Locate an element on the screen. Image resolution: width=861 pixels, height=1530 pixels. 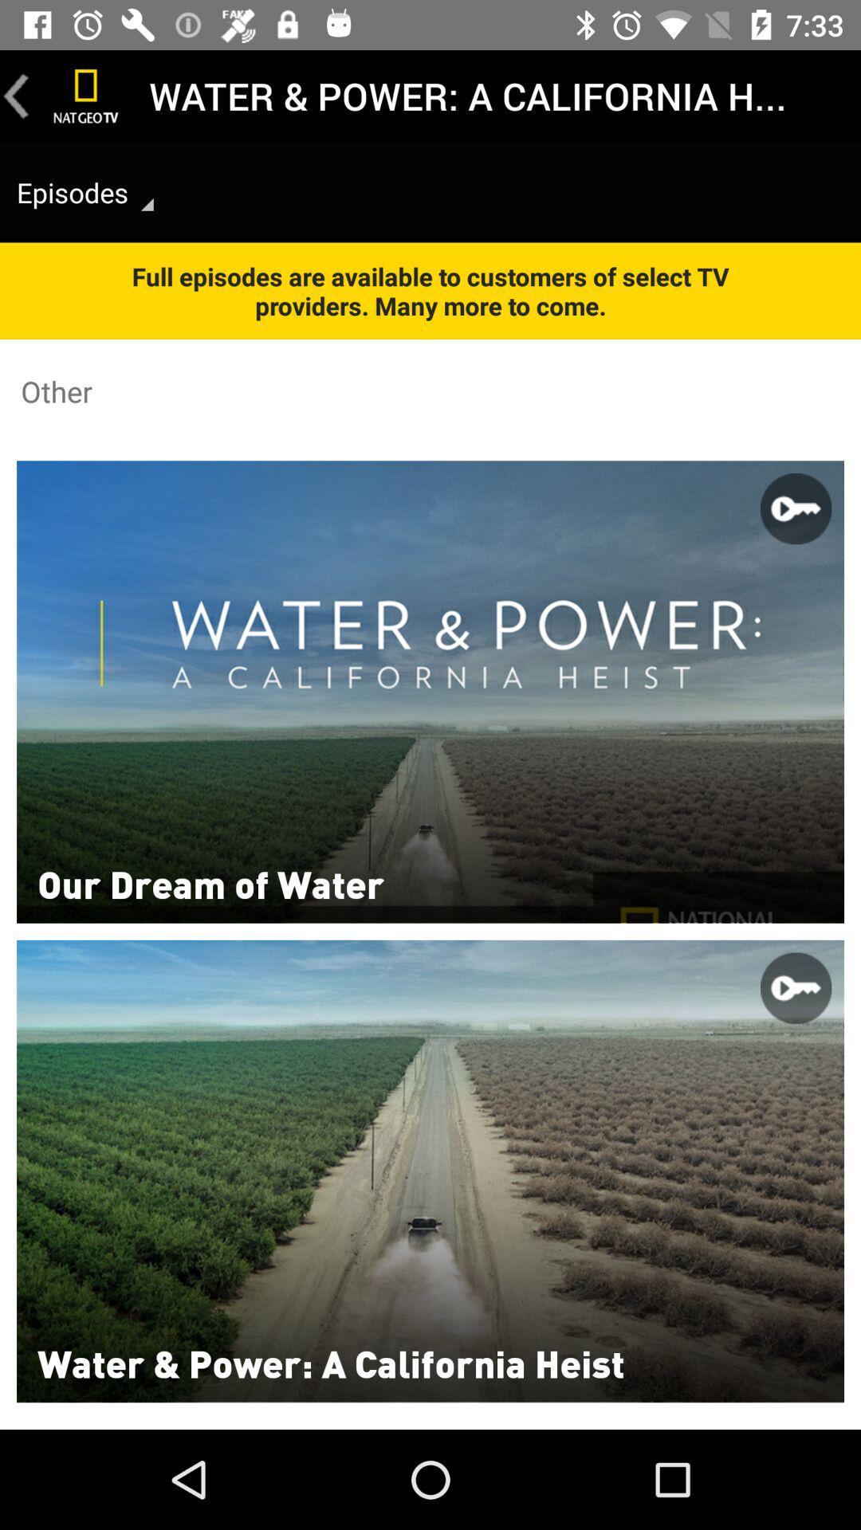
natgeo tv is located at coordinates (86, 95).